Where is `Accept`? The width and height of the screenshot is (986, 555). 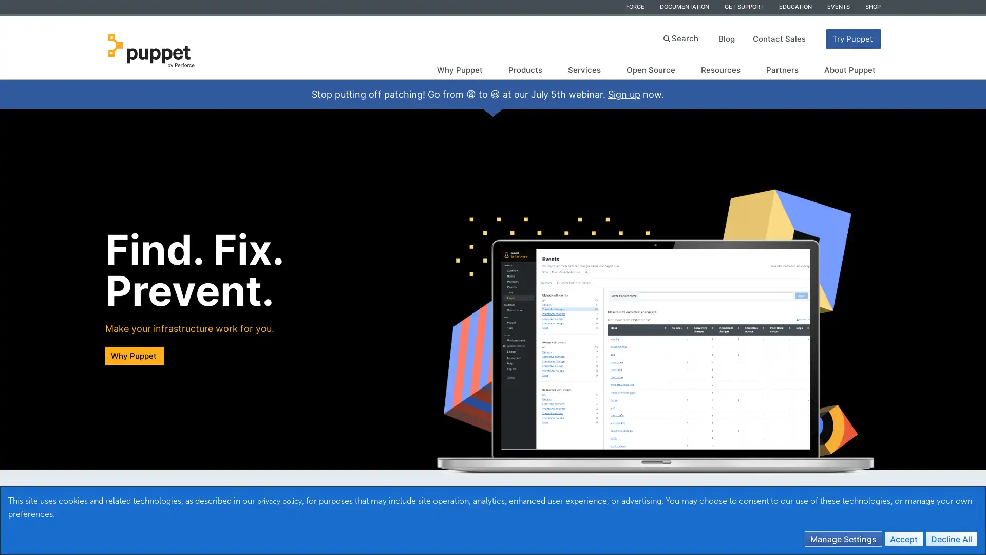 Accept is located at coordinates (904, 538).